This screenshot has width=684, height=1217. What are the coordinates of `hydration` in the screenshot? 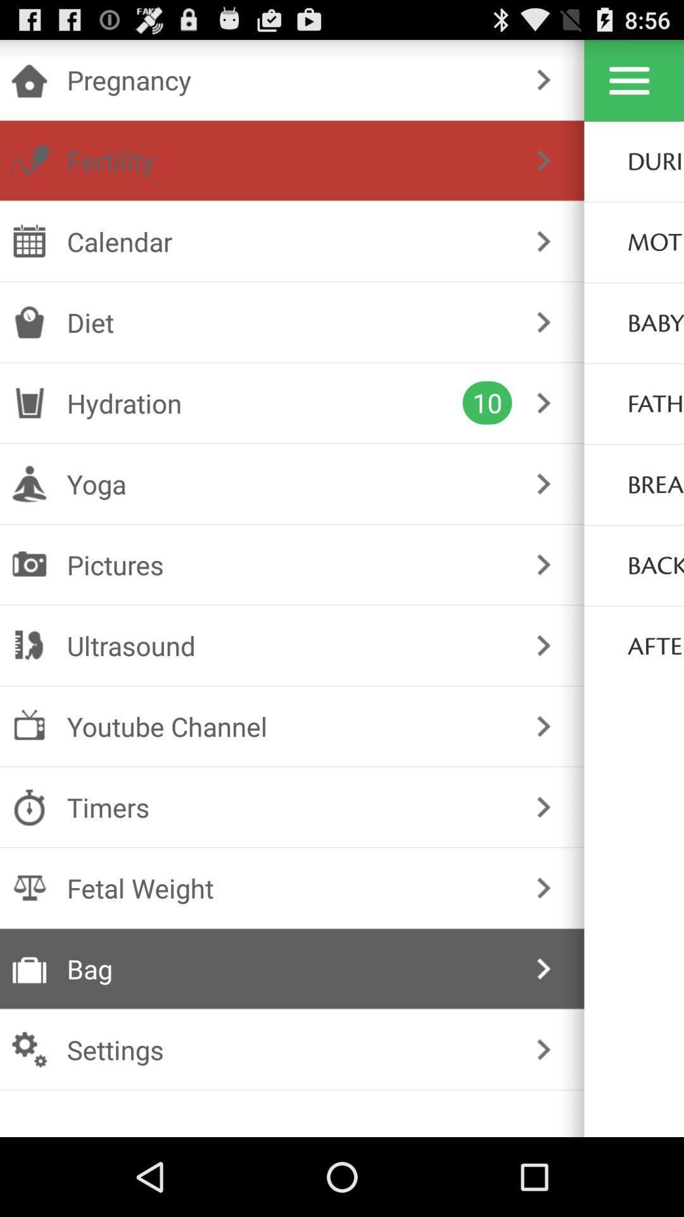 It's located at (264, 402).